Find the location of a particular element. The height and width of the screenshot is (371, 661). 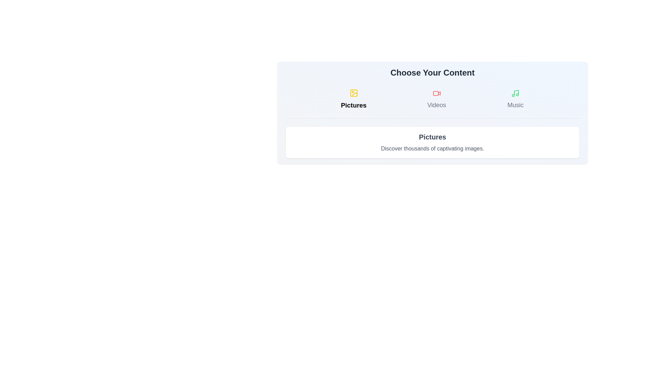

the Videos tab to switch content is located at coordinates (436, 99).